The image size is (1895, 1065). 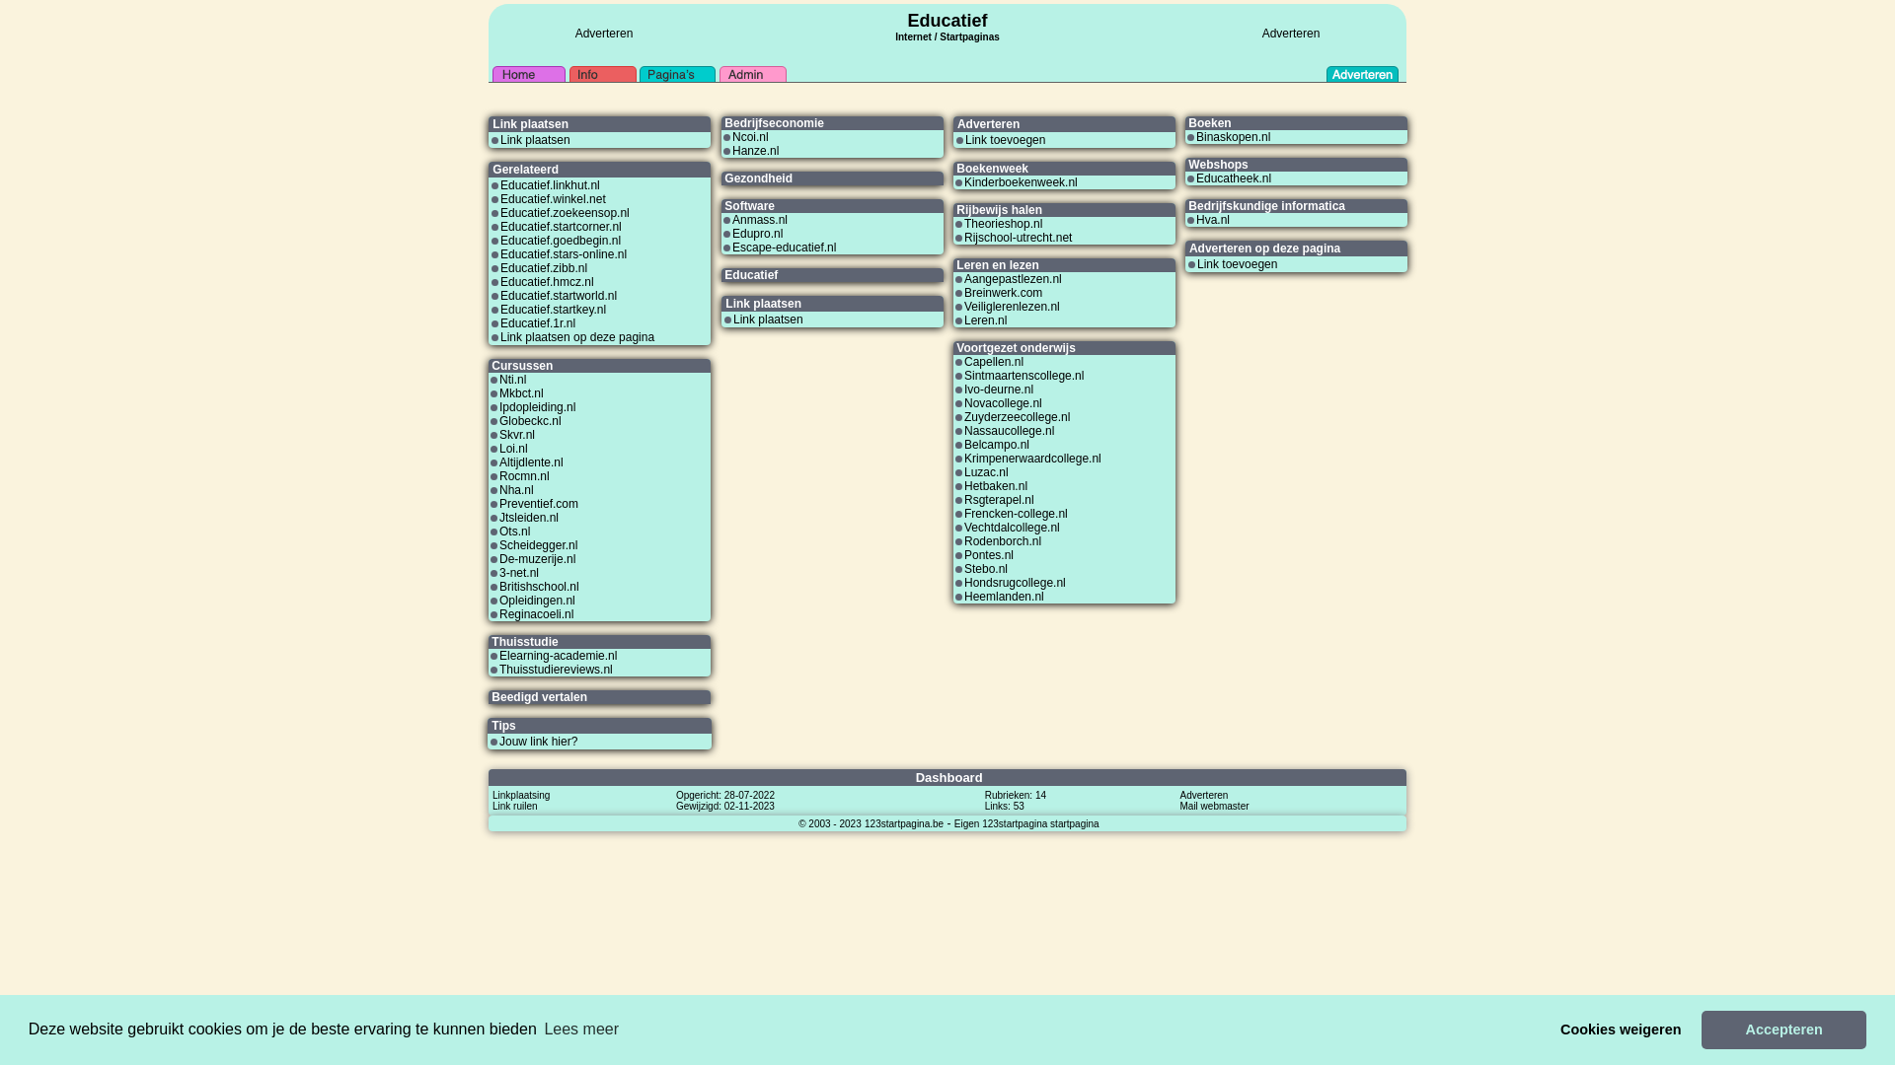 What do you see at coordinates (530, 420) in the screenshot?
I see `'Globeckc.nl'` at bounding box center [530, 420].